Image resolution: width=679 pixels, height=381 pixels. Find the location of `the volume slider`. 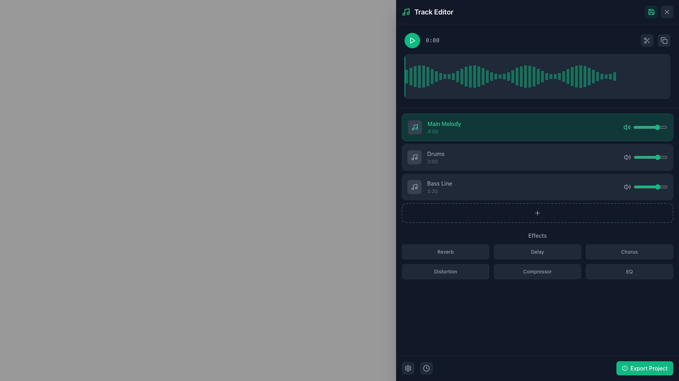

the volume slider is located at coordinates (640, 157).